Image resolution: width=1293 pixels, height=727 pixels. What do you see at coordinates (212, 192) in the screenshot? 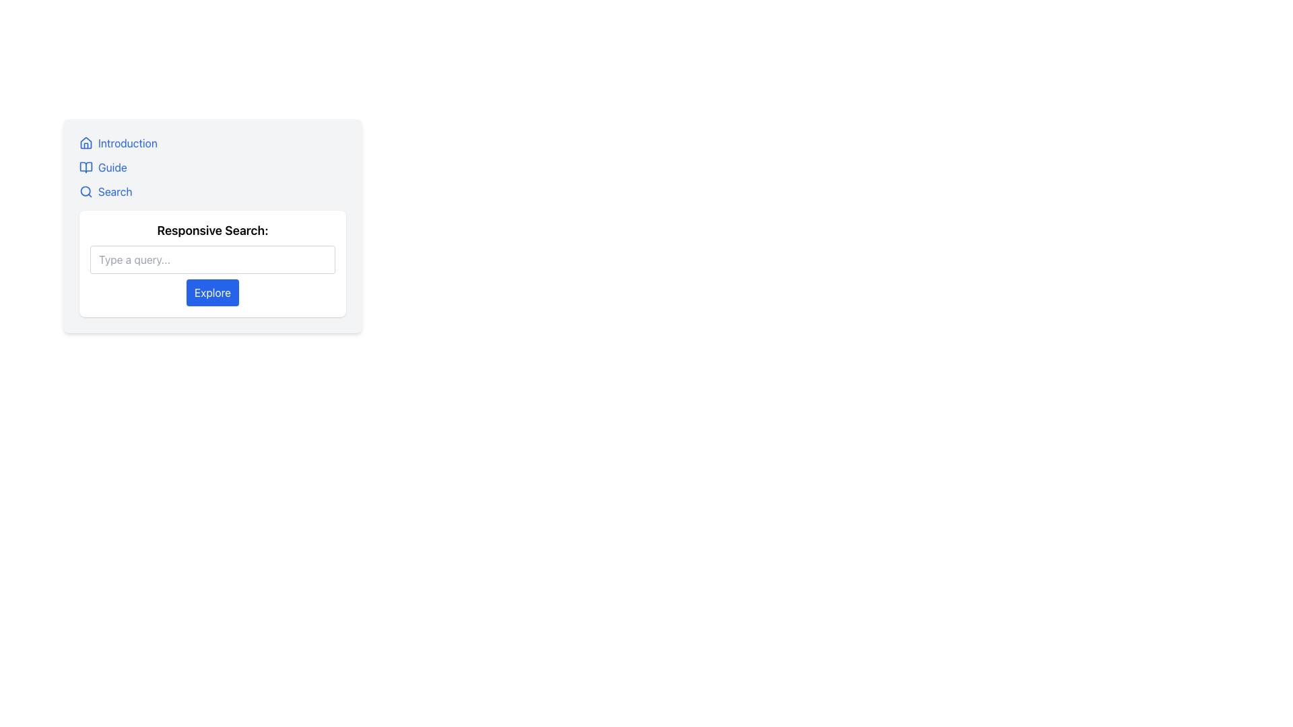
I see `the third navigational link located below the 'Guide' link and above the 'Responsive Search:' section` at bounding box center [212, 192].